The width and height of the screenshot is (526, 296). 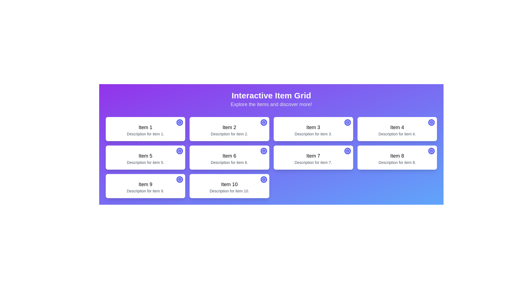 I want to click on the static text component displaying the label 'Item 10', which is centrally located in the bottom-right item of the grid layout, so click(x=229, y=184).